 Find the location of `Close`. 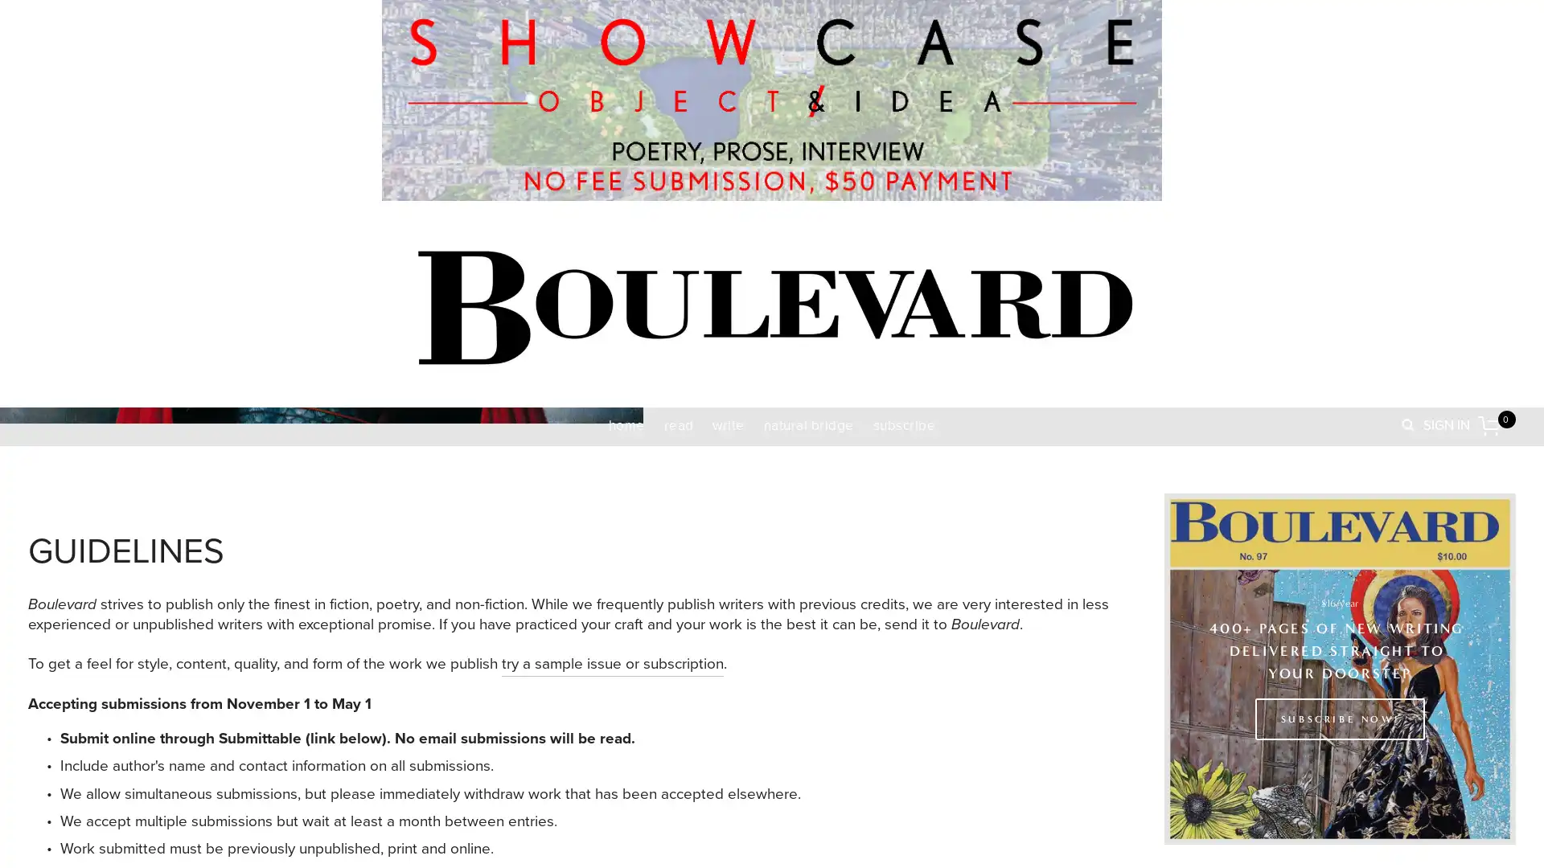

Close is located at coordinates (1000, 278).